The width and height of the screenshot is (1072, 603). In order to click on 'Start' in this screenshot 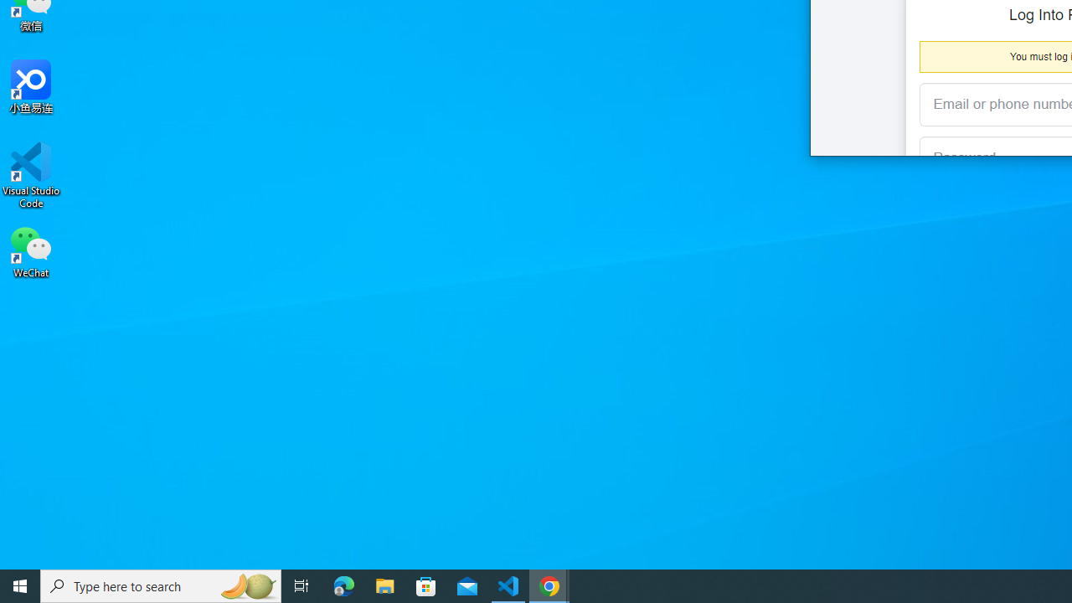, I will do `click(20, 585)`.